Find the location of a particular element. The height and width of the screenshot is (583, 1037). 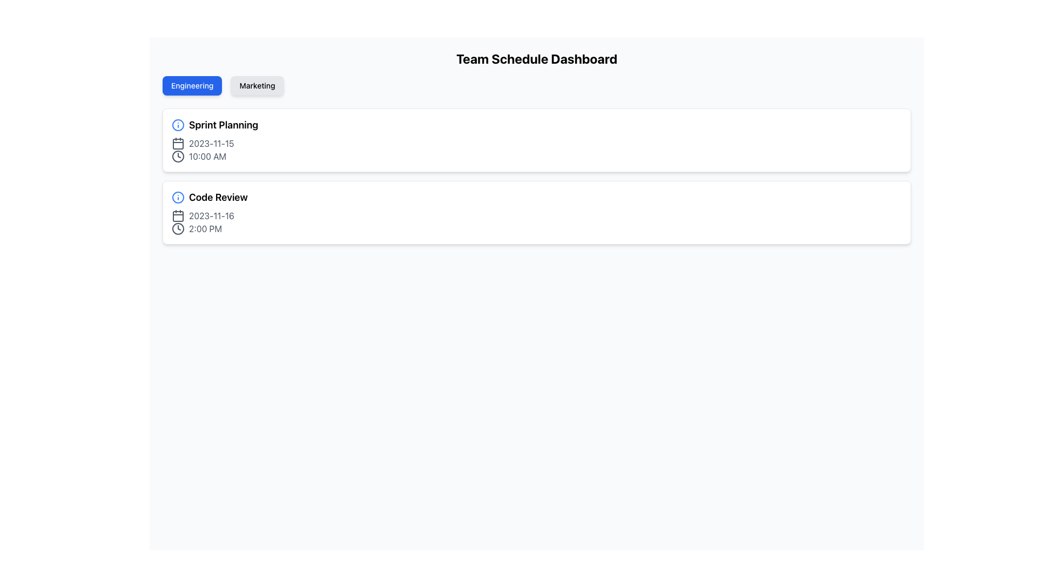

the rounded rectangular calendar icon component within the 'Code Review' entry is located at coordinates (178, 216).